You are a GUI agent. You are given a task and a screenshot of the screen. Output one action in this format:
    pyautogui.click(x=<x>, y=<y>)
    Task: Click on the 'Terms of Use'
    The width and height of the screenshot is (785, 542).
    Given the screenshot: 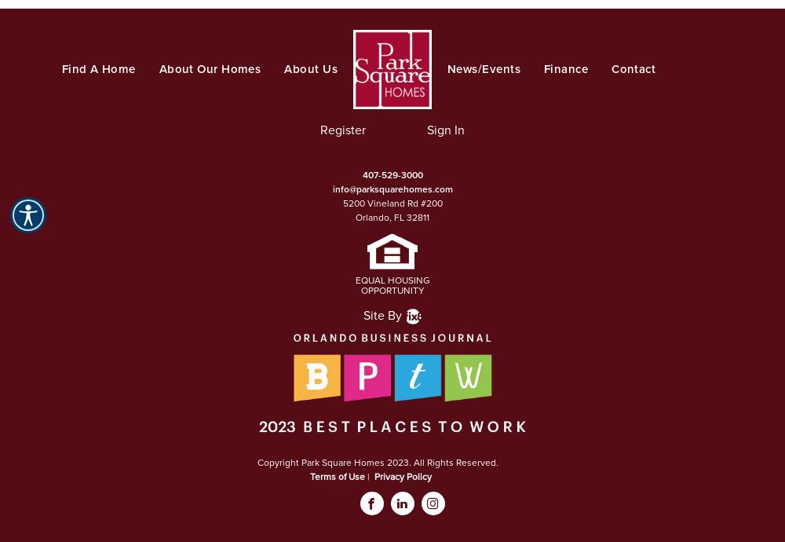 What is the action you would take?
    pyautogui.click(x=338, y=475)
    